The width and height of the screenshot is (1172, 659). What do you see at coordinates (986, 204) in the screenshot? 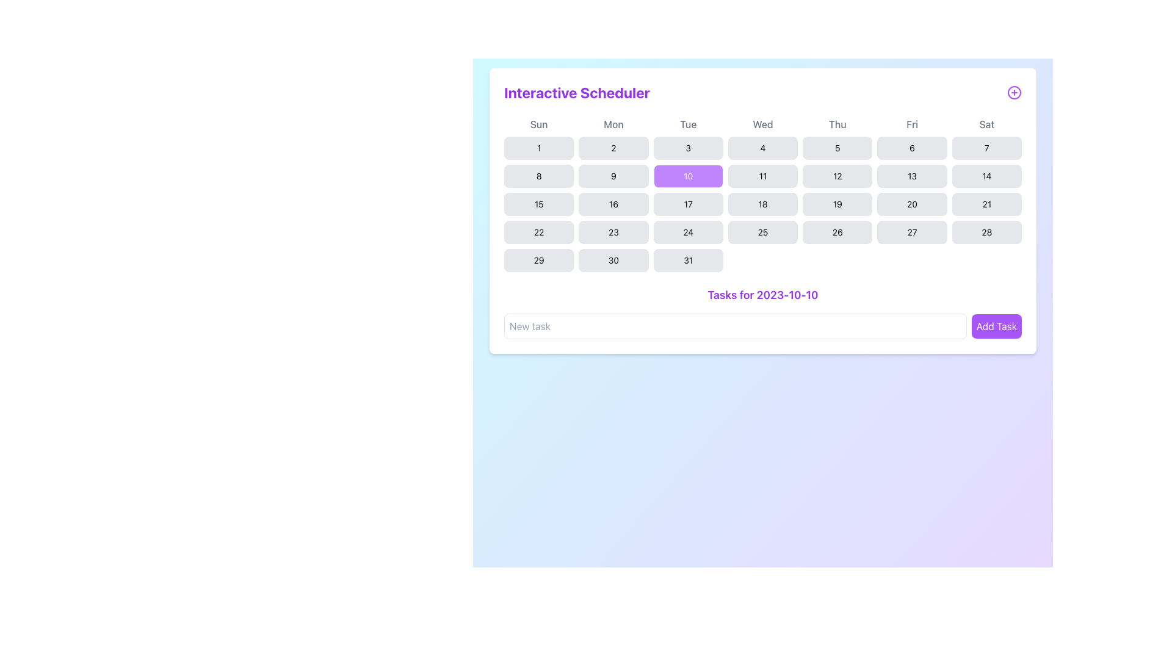
I see `the rounded rectangular button with the number '21' in the bottom row of the calendar grid under the Saturday header` at bounding box center [986, 204].